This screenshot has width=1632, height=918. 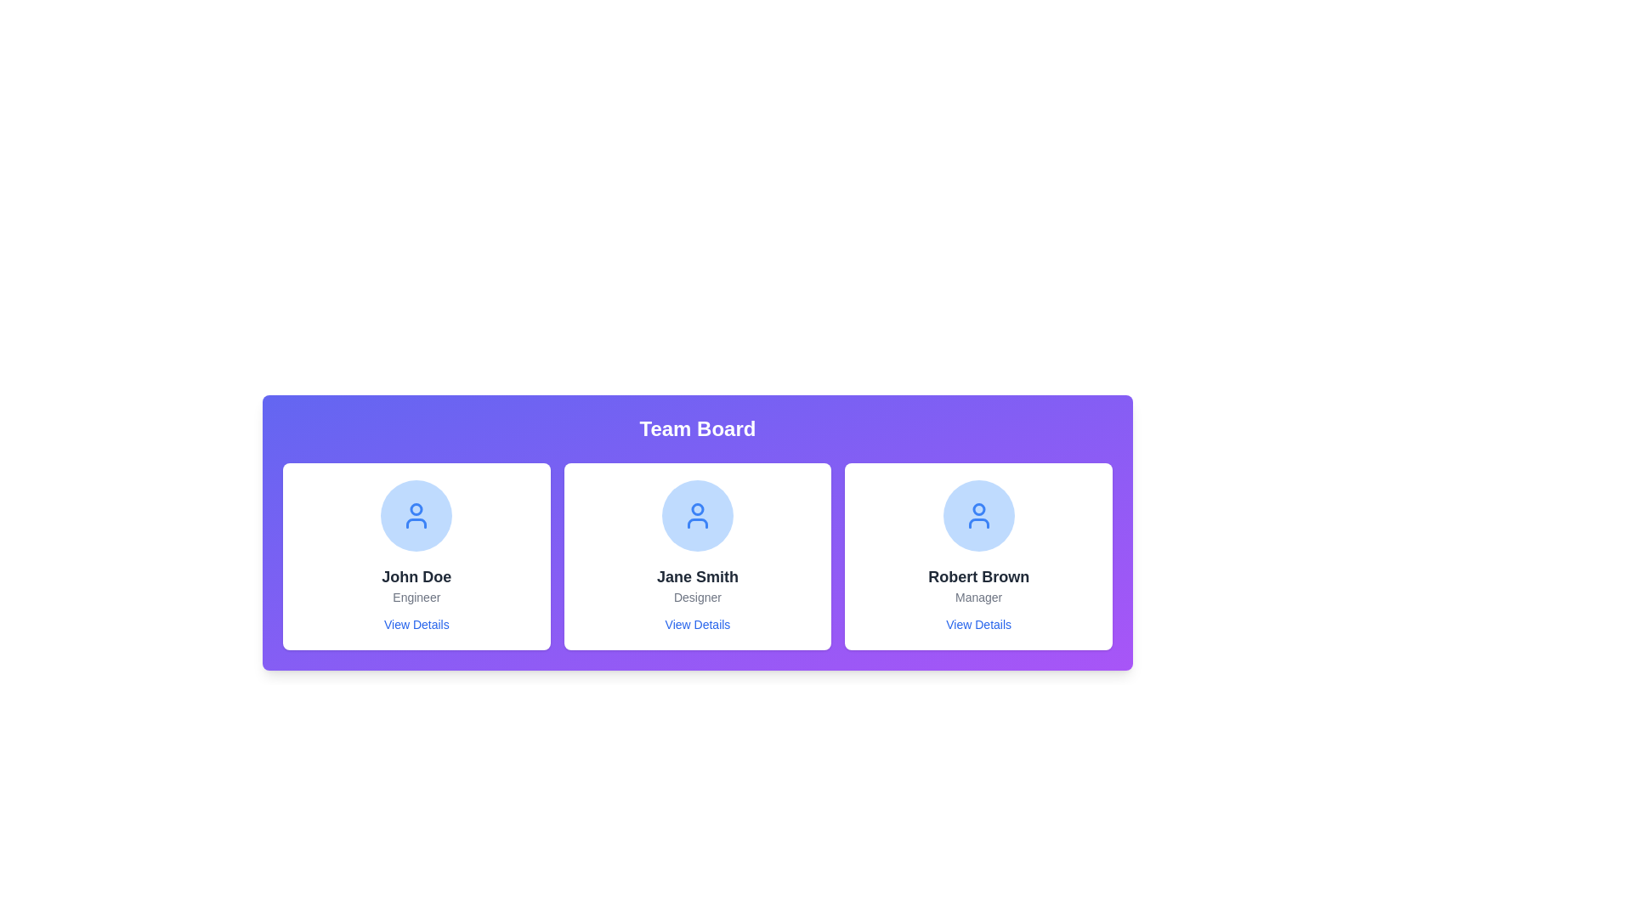 I want to click on the navigational text link located below the text 'Engineer' in the lower part of the card containing information about 'John Doe', so click(x=416, y=625).